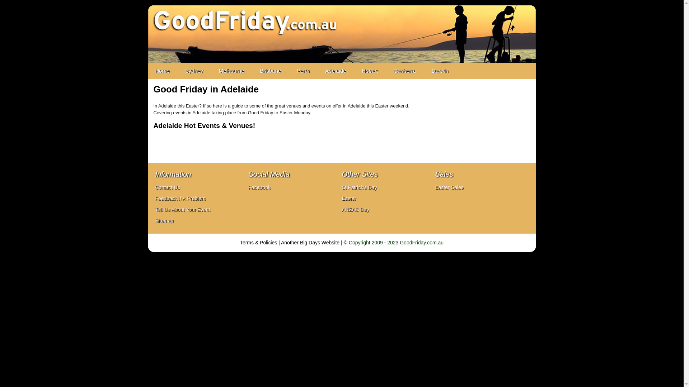 This screenshot has width=689, height=387. What do you see at coordinates (147, 66) in the screenshot?
I see `'Skip to content'` at bounding box center [147, 66].